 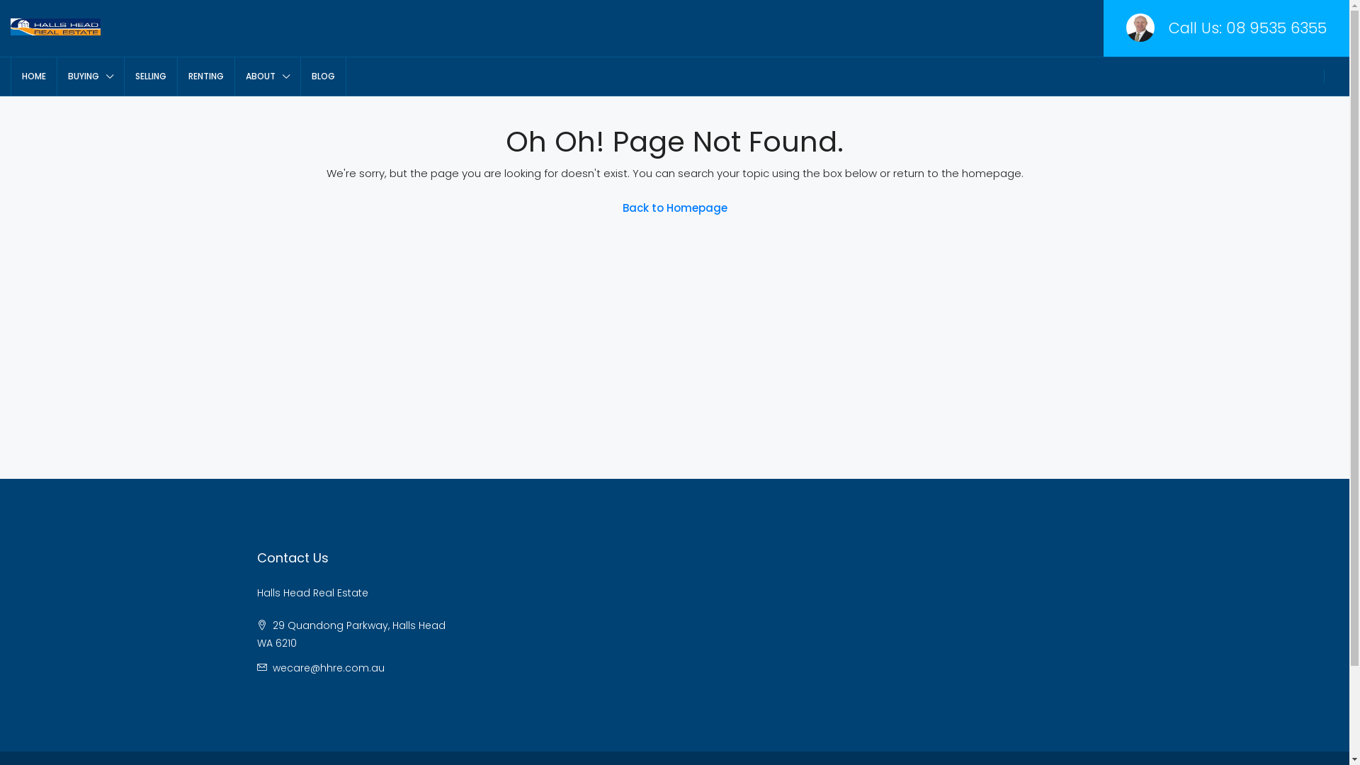 I want to click on 'HOME', so click(x=34, y=76).